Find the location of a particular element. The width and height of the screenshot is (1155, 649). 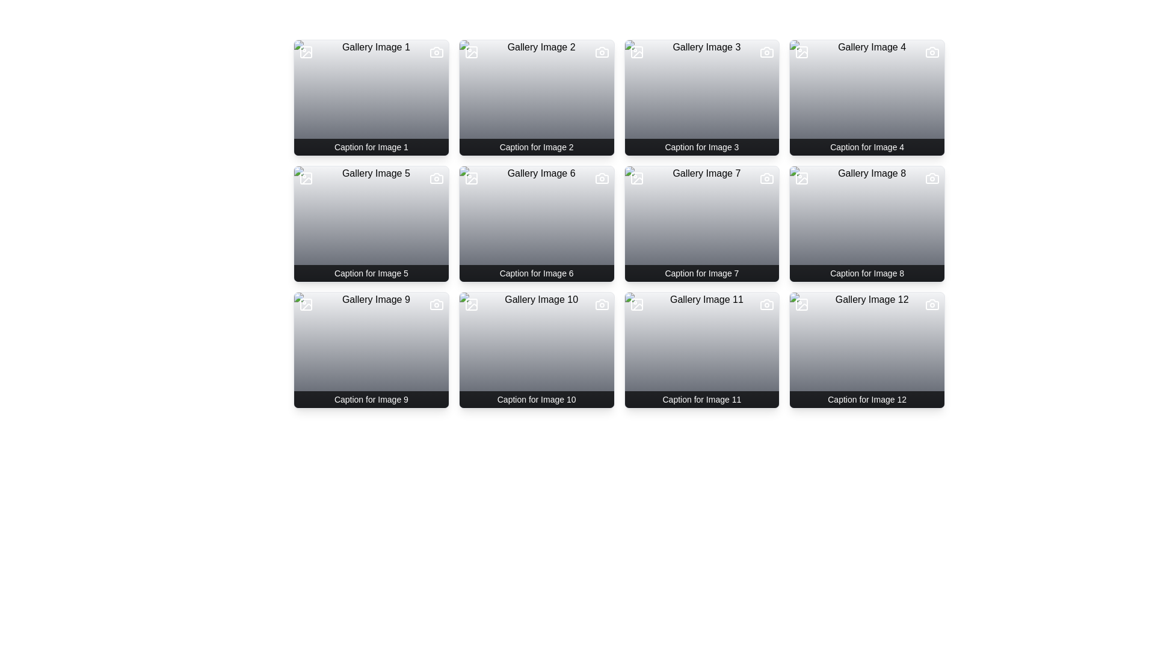

text of the Text Label that displays 'Caption for Image 12', located at the bottom of the 'Gallery Image 12' card in the fourth row and last column of the grid layout is located at coordinates (867, 399).